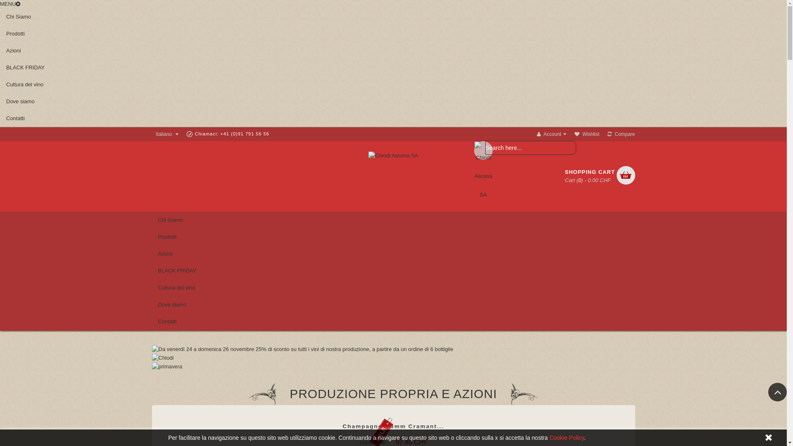  Describe the element at coordinates (393, 426) in the screenshot. I see `'Champagne Mumm Cramant...'` at that location.